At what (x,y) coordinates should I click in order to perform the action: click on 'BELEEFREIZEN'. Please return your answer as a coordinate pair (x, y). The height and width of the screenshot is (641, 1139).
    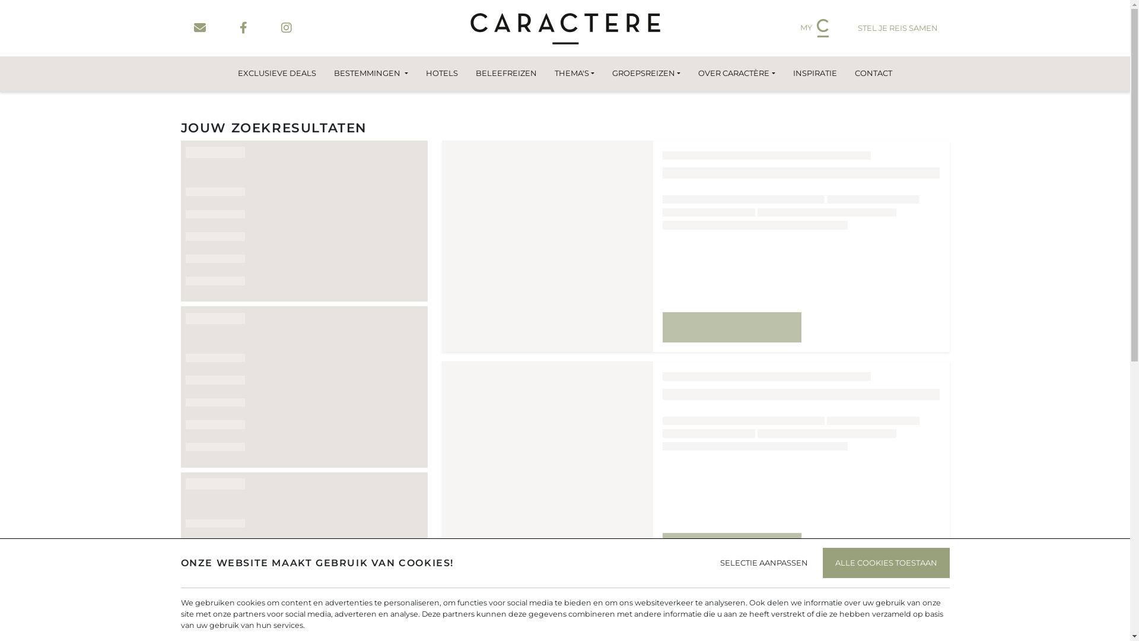
    Looking at the image, I should click on (506, 73).